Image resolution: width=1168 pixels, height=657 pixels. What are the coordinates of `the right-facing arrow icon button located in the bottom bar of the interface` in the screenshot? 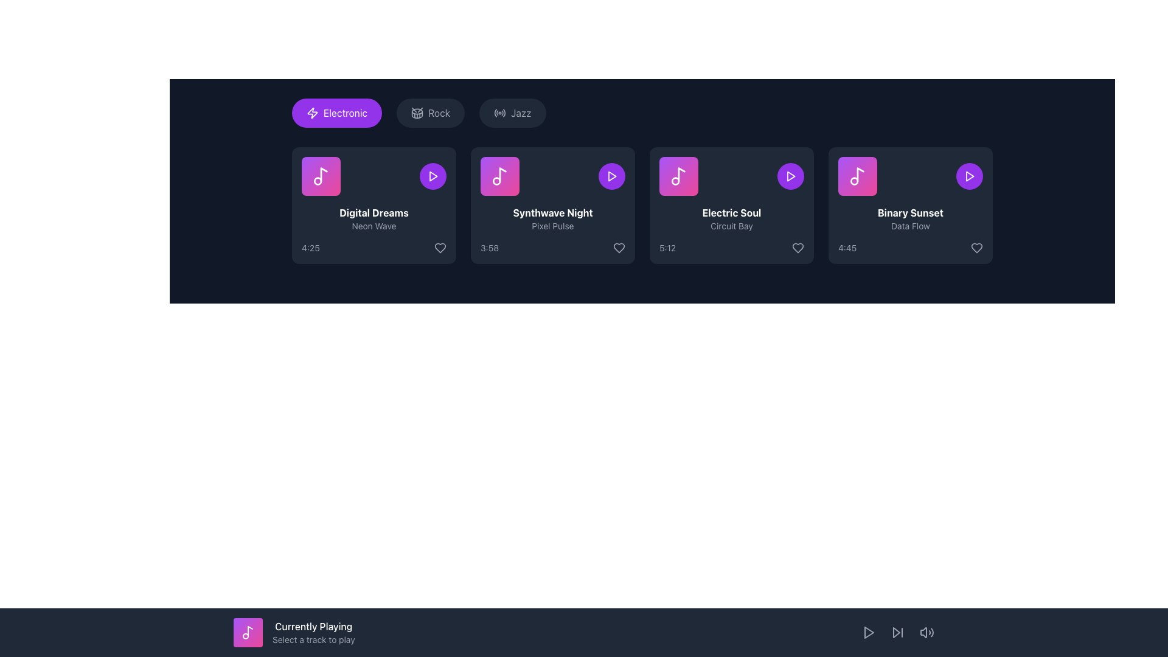 It's located at (898, 632).